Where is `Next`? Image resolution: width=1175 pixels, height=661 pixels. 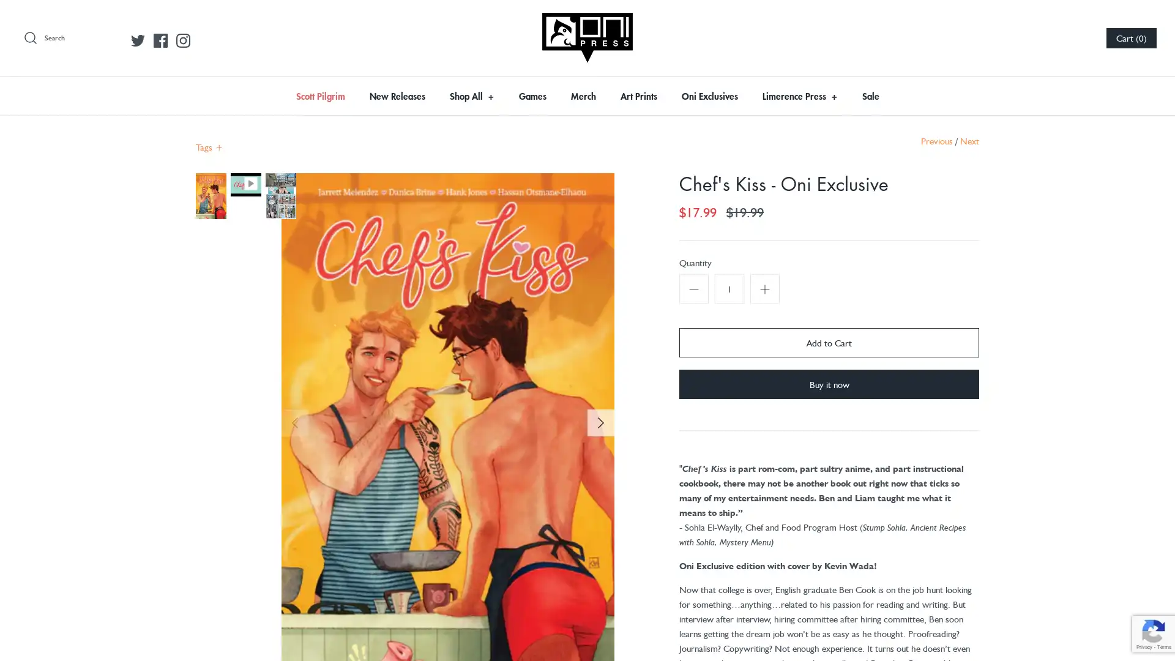
Next is located at coordinates (601, 422).